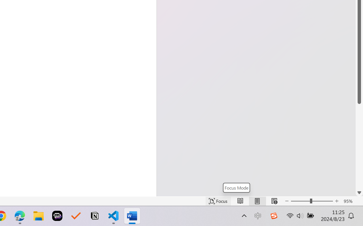 Image resolution: width=363 pixels, height=226 pixels. Describe the element at coordinates (359, 193) in the screenshot. I see `'Line down'` at that location.